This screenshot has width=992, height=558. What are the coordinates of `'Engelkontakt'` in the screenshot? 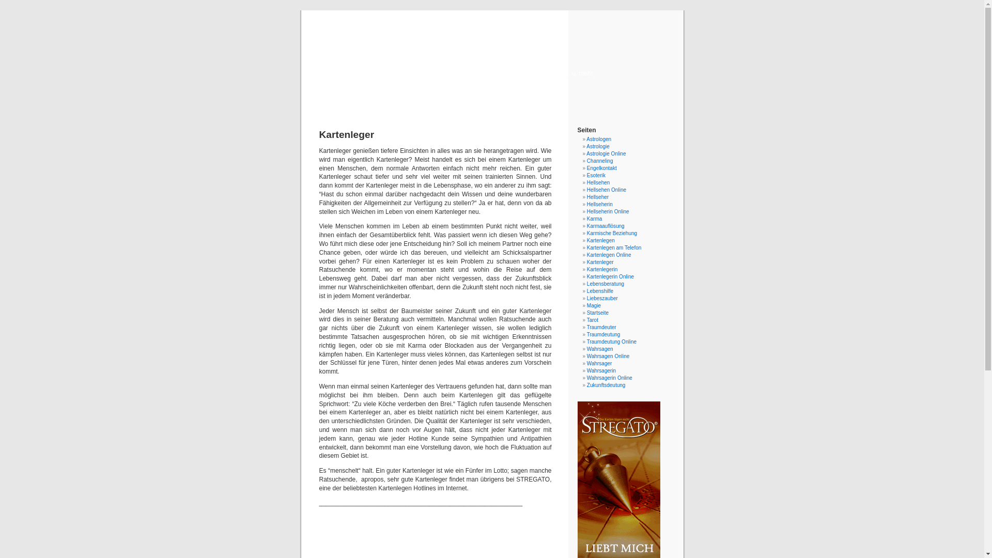 It's located at (602, 167).